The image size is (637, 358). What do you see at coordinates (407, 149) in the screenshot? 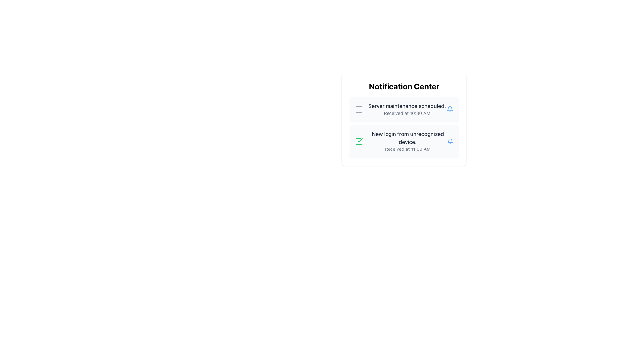
I see `timestamp text located below the bold text 'New login from unrecognized device' in the second notification card of the notification center` at bounding box center [407, 149].